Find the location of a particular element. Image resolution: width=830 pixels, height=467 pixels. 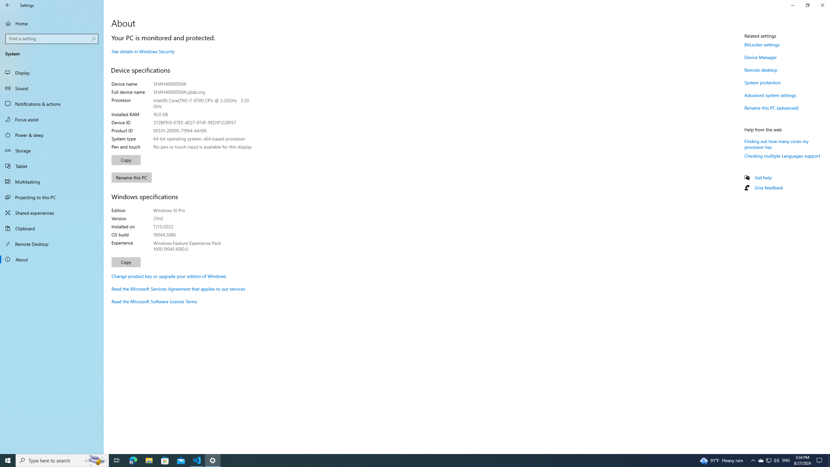

'Remote Desktop' is located at coordinates (52, 244).